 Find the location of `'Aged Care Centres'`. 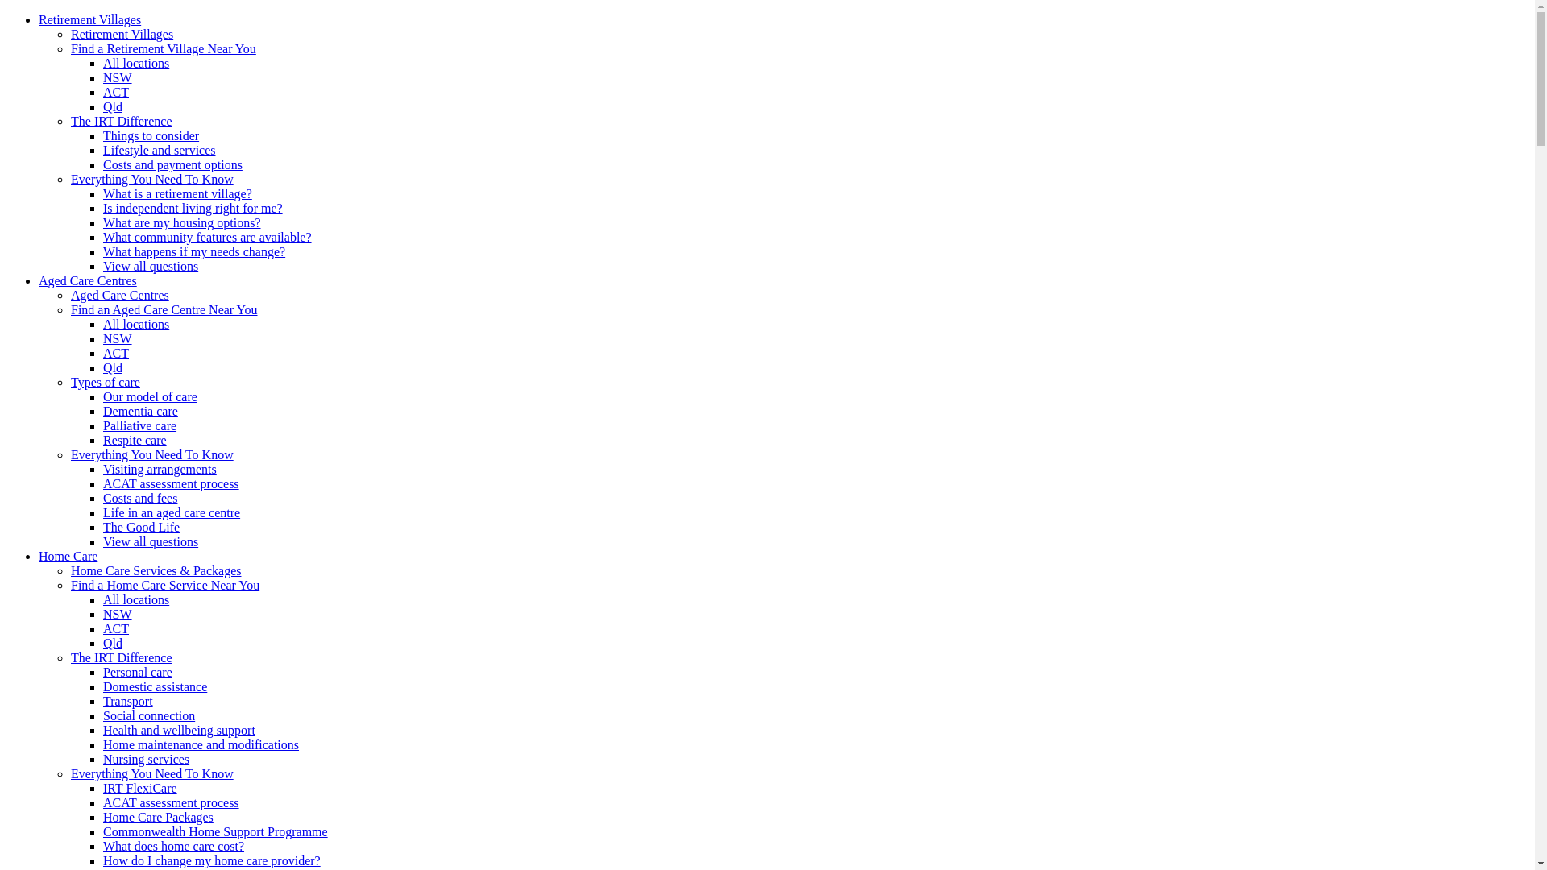

'Aged Care Centres' is located at coordinates (39, 280).